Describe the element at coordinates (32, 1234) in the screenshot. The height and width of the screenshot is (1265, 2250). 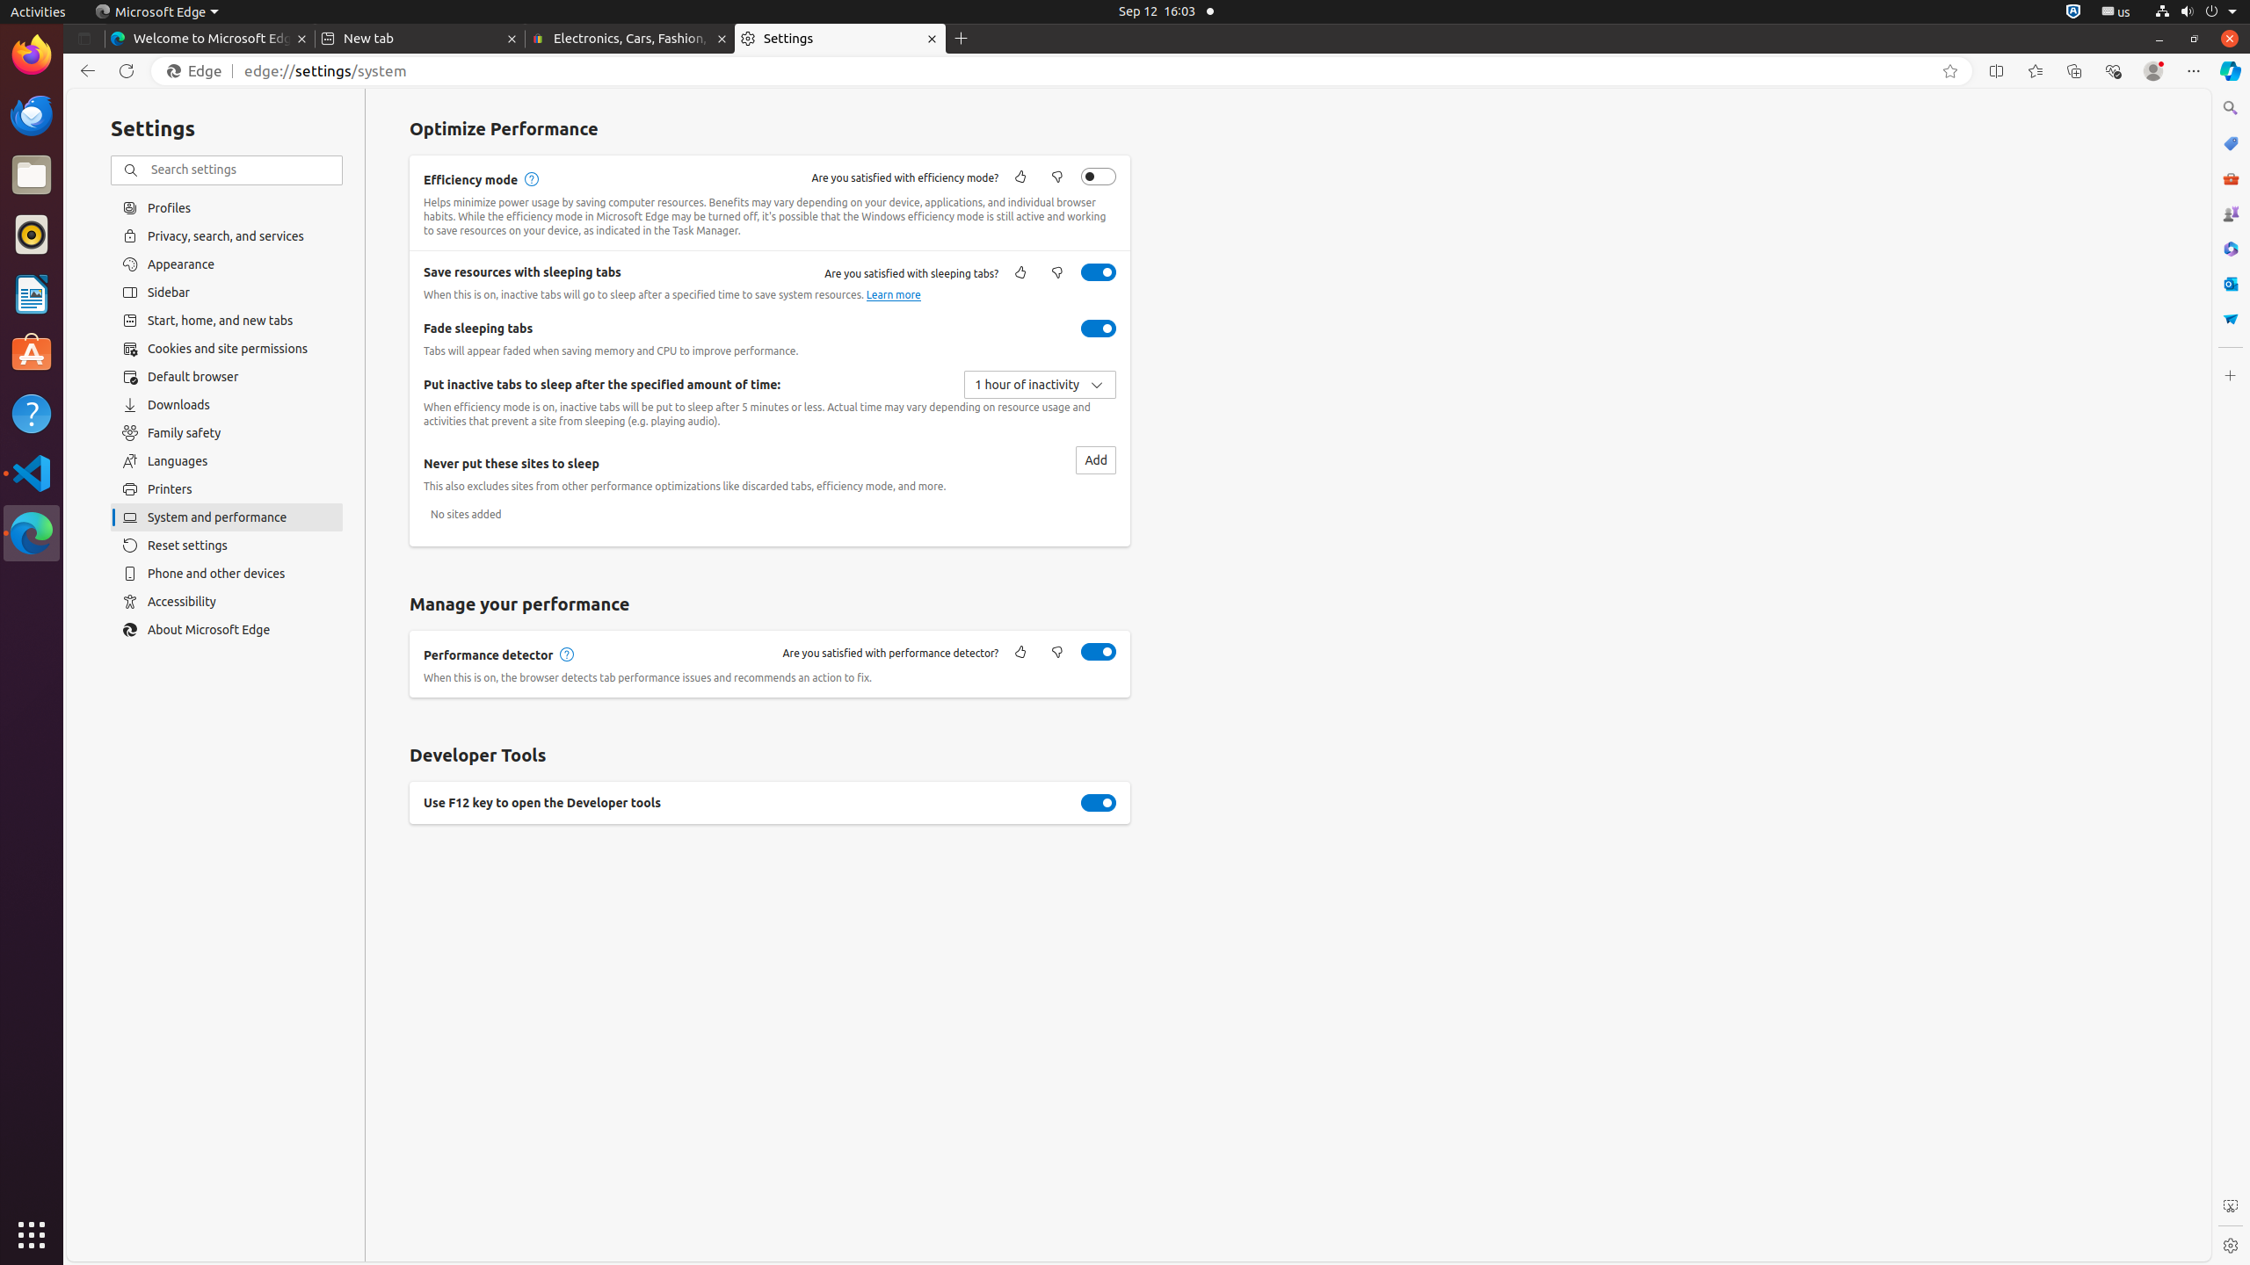
I see `'Show Applications'` at that location.